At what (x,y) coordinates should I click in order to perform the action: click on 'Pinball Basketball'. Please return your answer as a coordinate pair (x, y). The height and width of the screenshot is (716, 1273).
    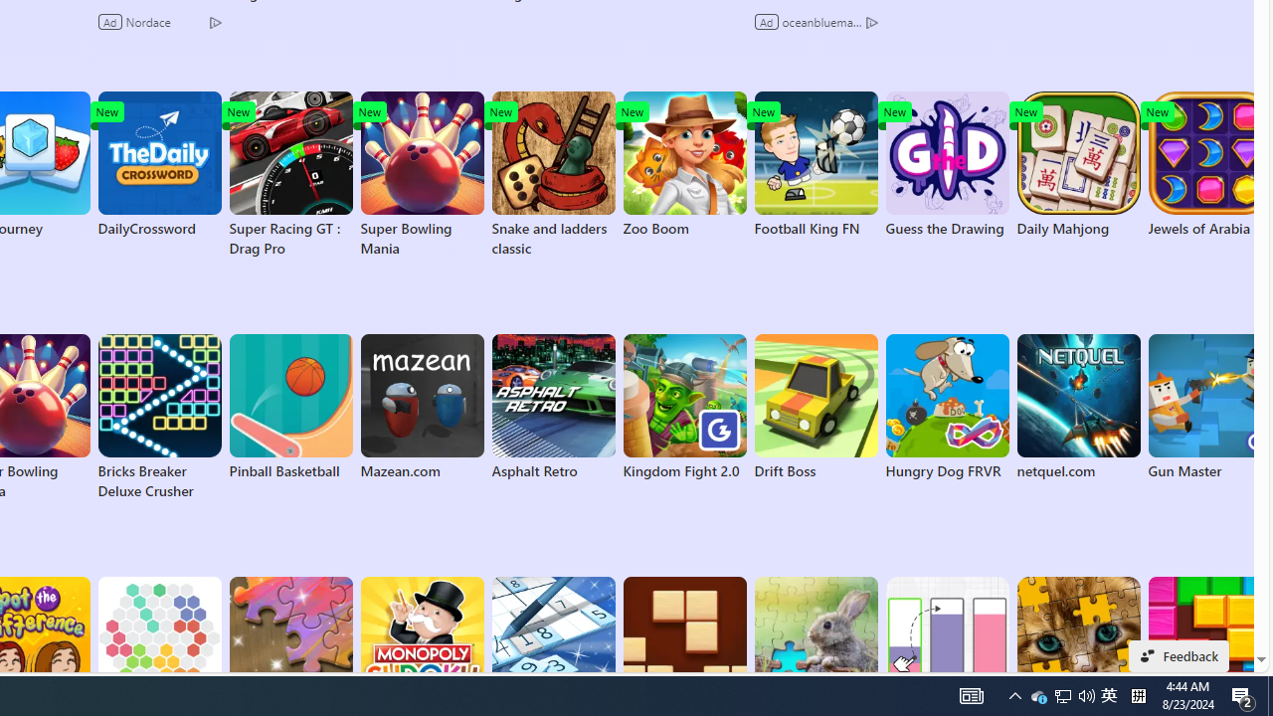
    Looking at the image, I should click on (289, 407).